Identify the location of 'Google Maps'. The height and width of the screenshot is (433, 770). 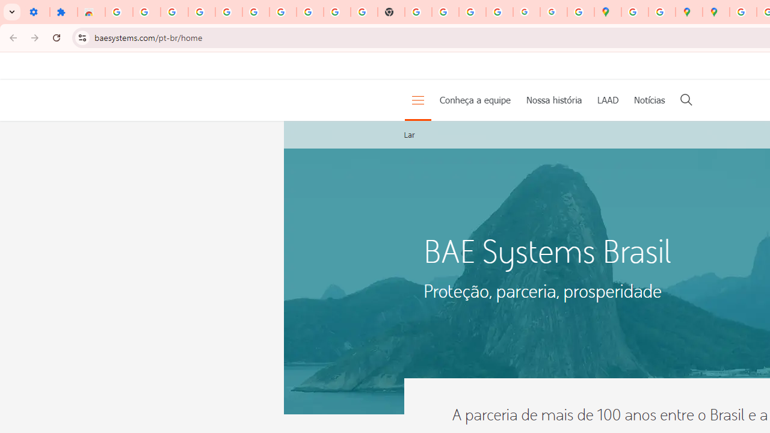
(608, 12).